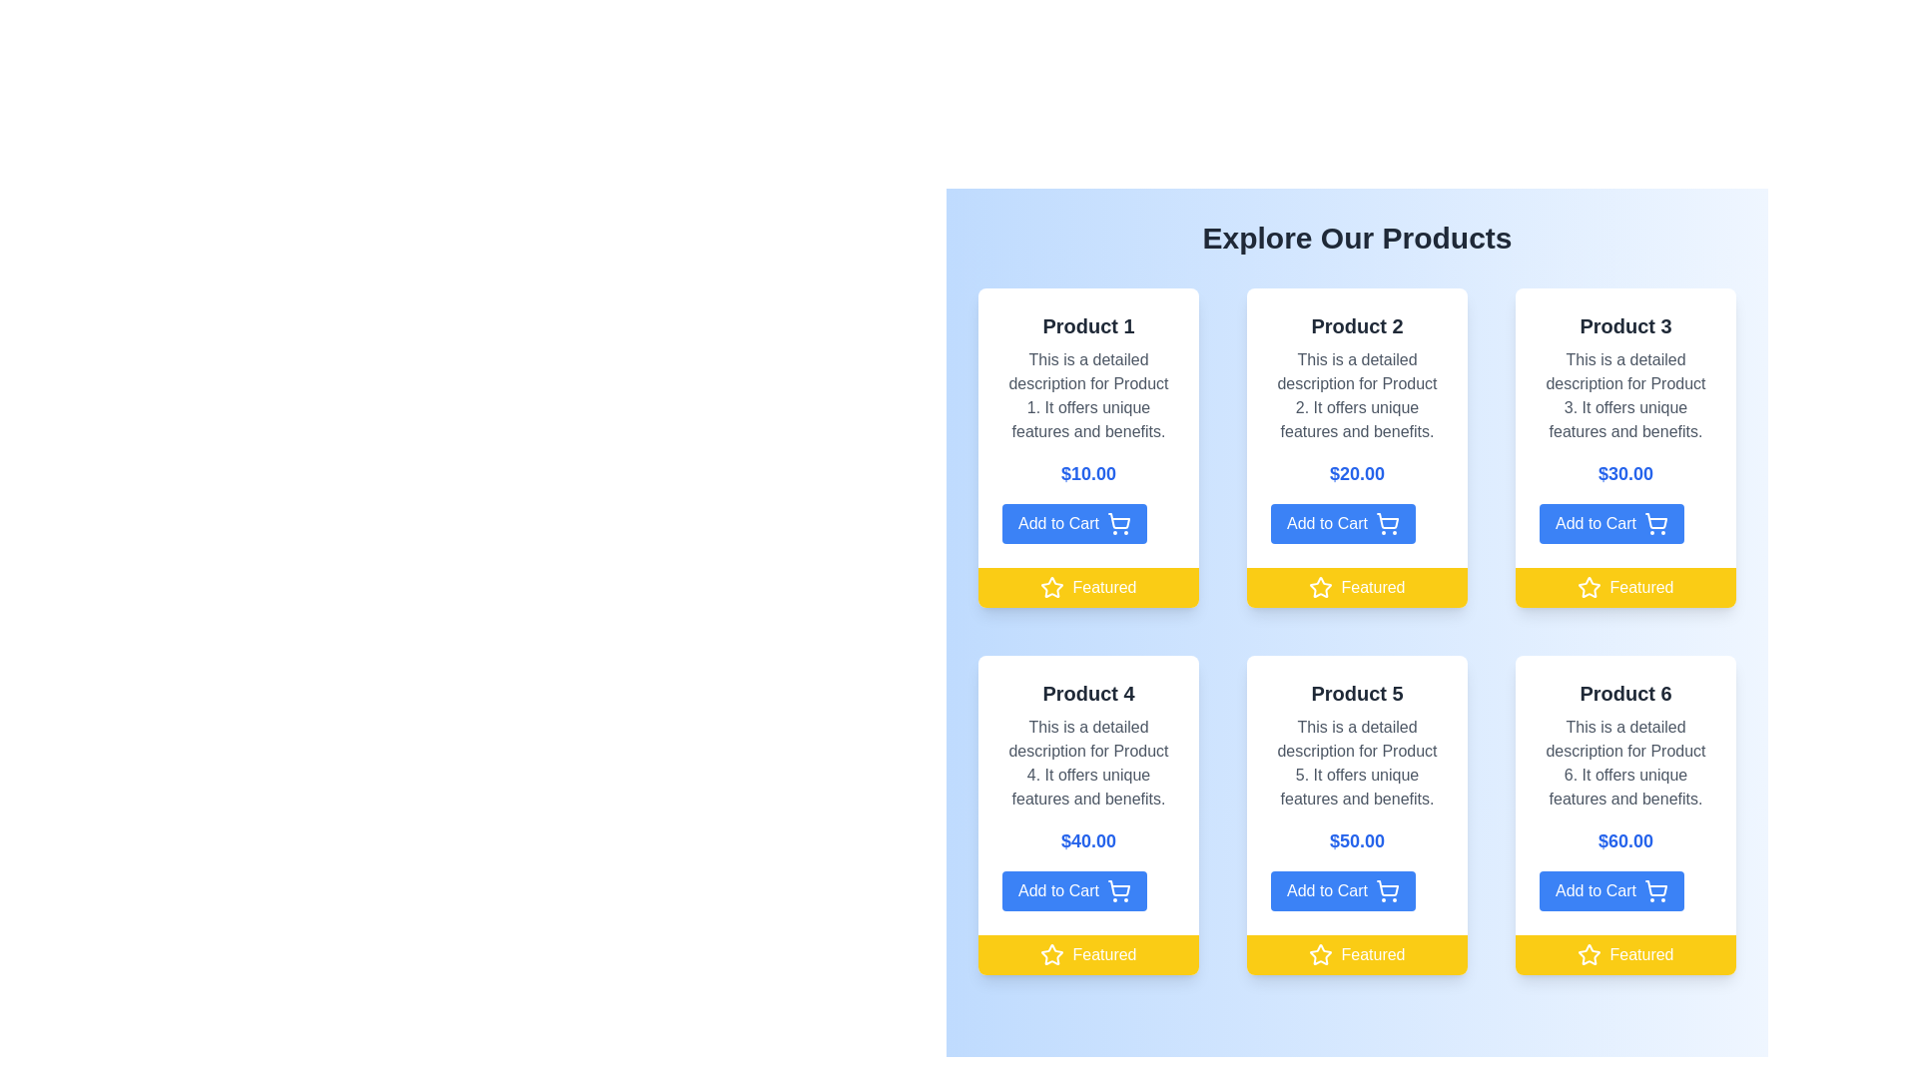 The image size is (1917, 1078). Describe the element at coordinates (1119, 887) in the screenshot. I see `the shopping cart icon located to the right of the 'Add to Cart' text on the button for Product 4` at that location.